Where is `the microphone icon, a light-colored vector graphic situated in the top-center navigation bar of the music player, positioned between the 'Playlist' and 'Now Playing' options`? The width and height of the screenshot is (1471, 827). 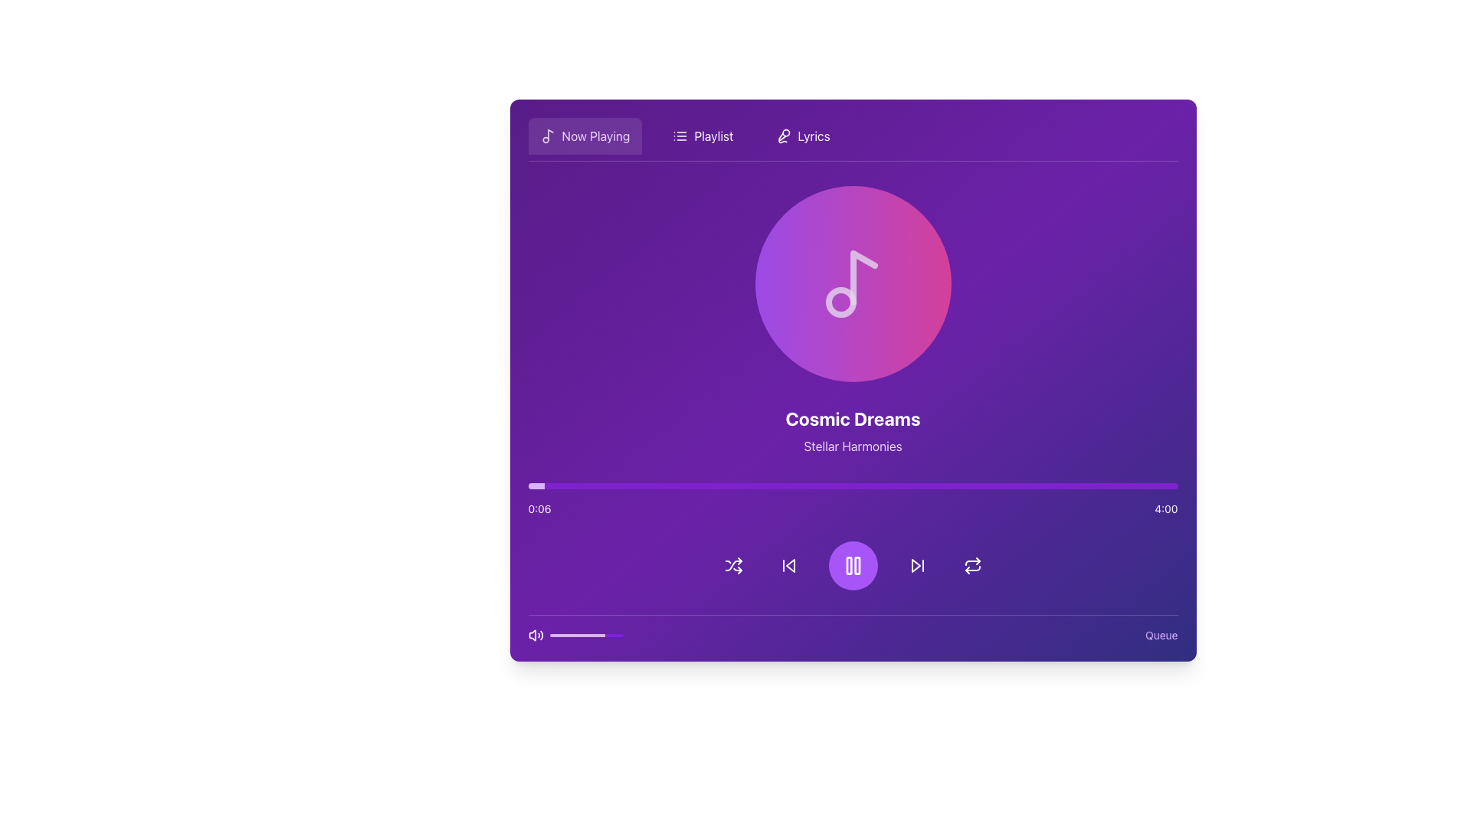 the microphone icon, a light-colored vector graphic situated in the top-center navigation bar of the music player, positioned between the 'Playlist' and 'Now Playing' options is located at coordinates (782, 136).